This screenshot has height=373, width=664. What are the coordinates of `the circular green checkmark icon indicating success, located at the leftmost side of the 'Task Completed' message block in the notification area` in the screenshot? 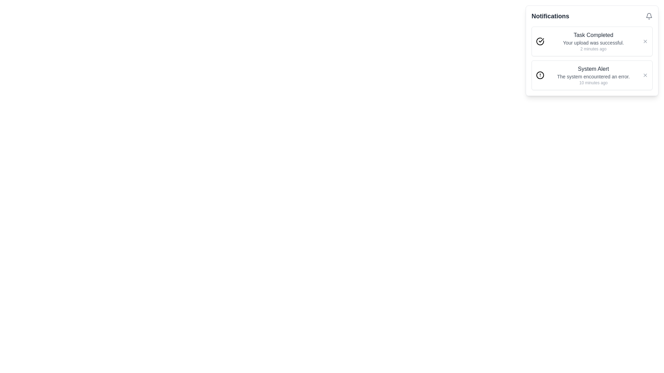 It's located at (539, 41).